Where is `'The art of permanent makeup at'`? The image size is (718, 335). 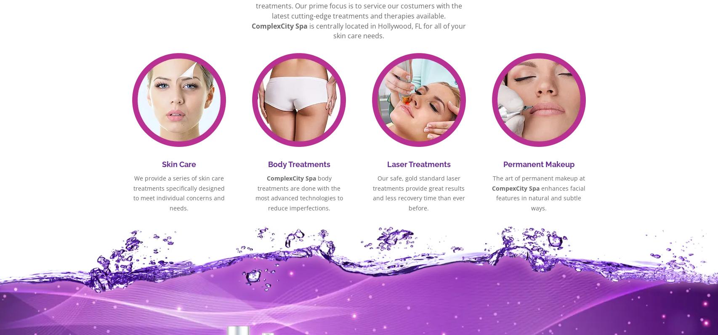
'The art of permanent makeup at' is located at coordinates (538, 177).